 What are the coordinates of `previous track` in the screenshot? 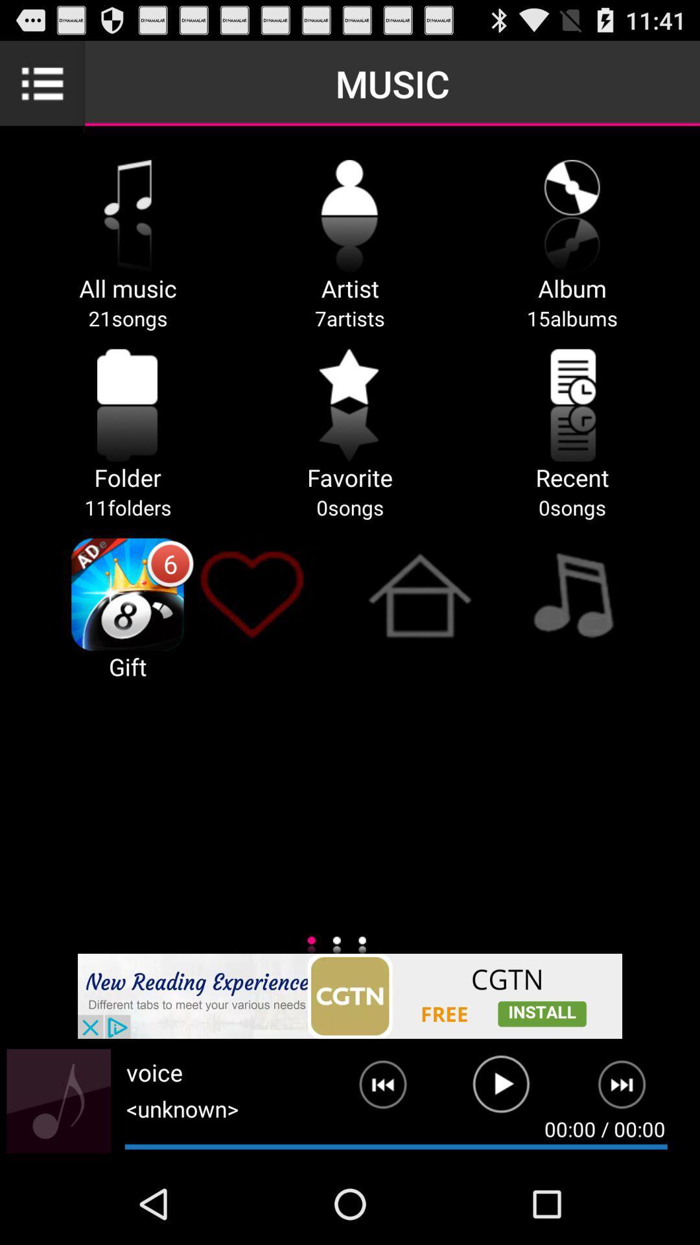 It's located at (373, 1089).